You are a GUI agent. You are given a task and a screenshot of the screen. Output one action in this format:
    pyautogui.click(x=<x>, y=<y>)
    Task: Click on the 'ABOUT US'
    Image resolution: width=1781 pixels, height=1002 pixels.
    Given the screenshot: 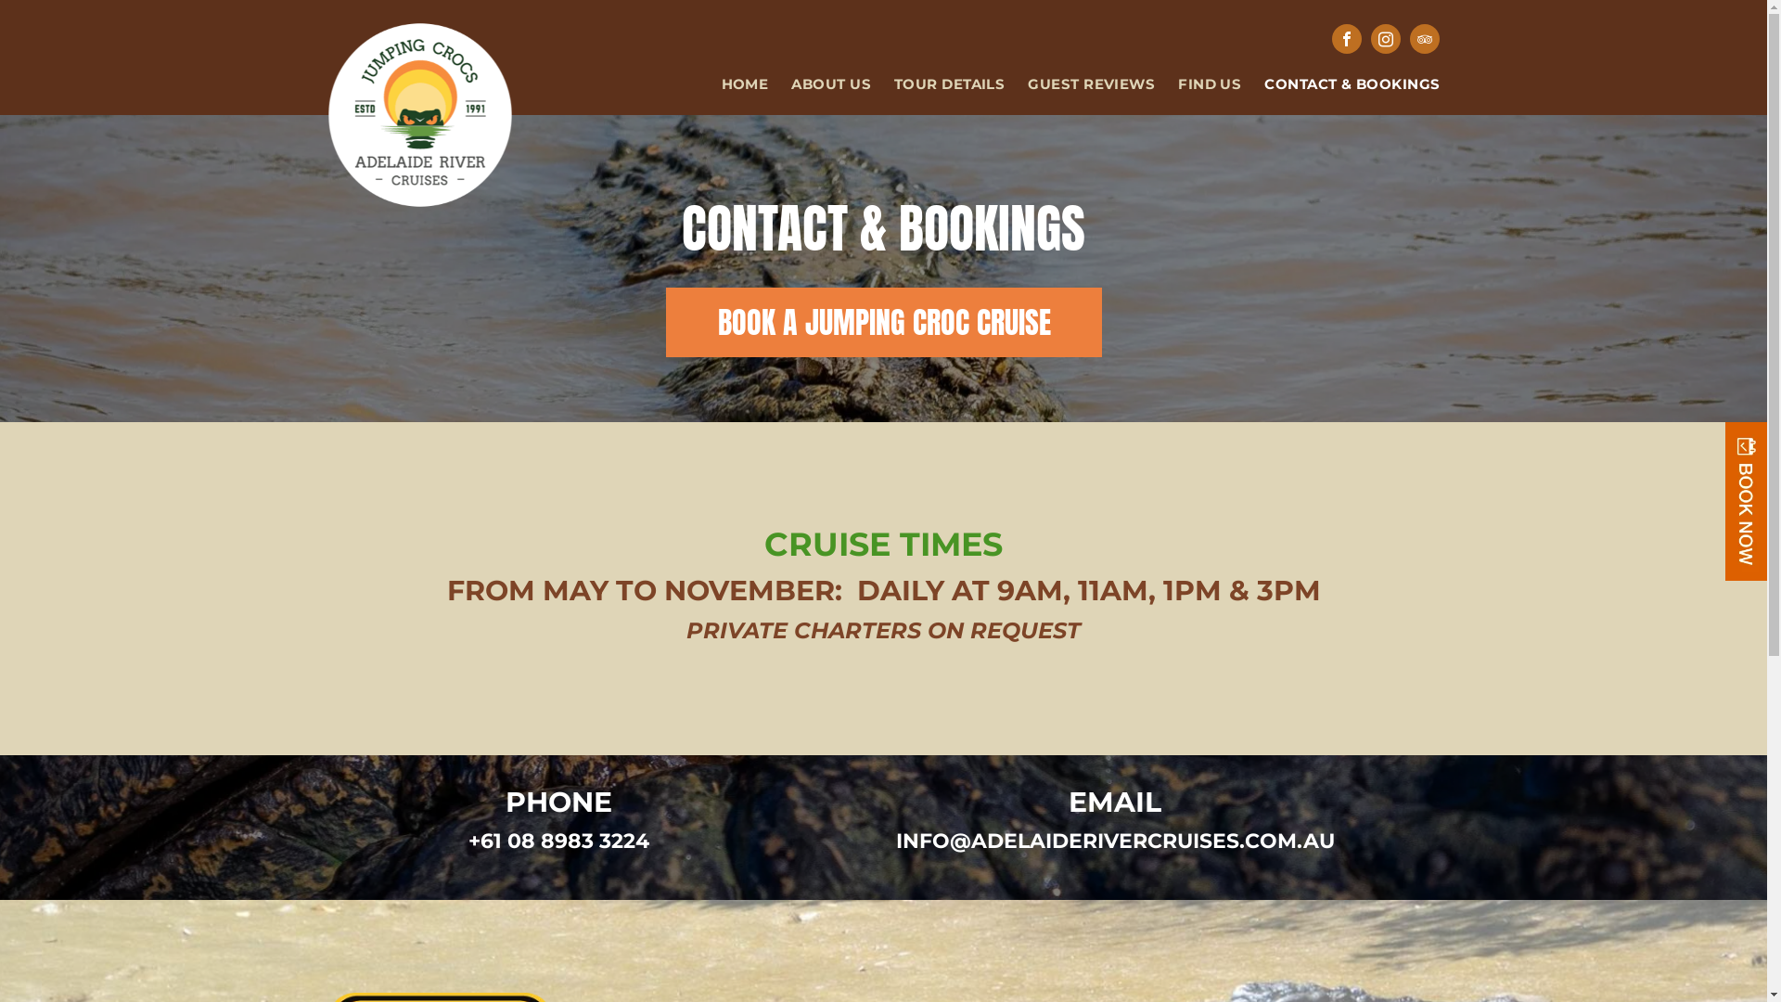 What is the action you would take?
    pyautogui.click(x=768, y=84)
    